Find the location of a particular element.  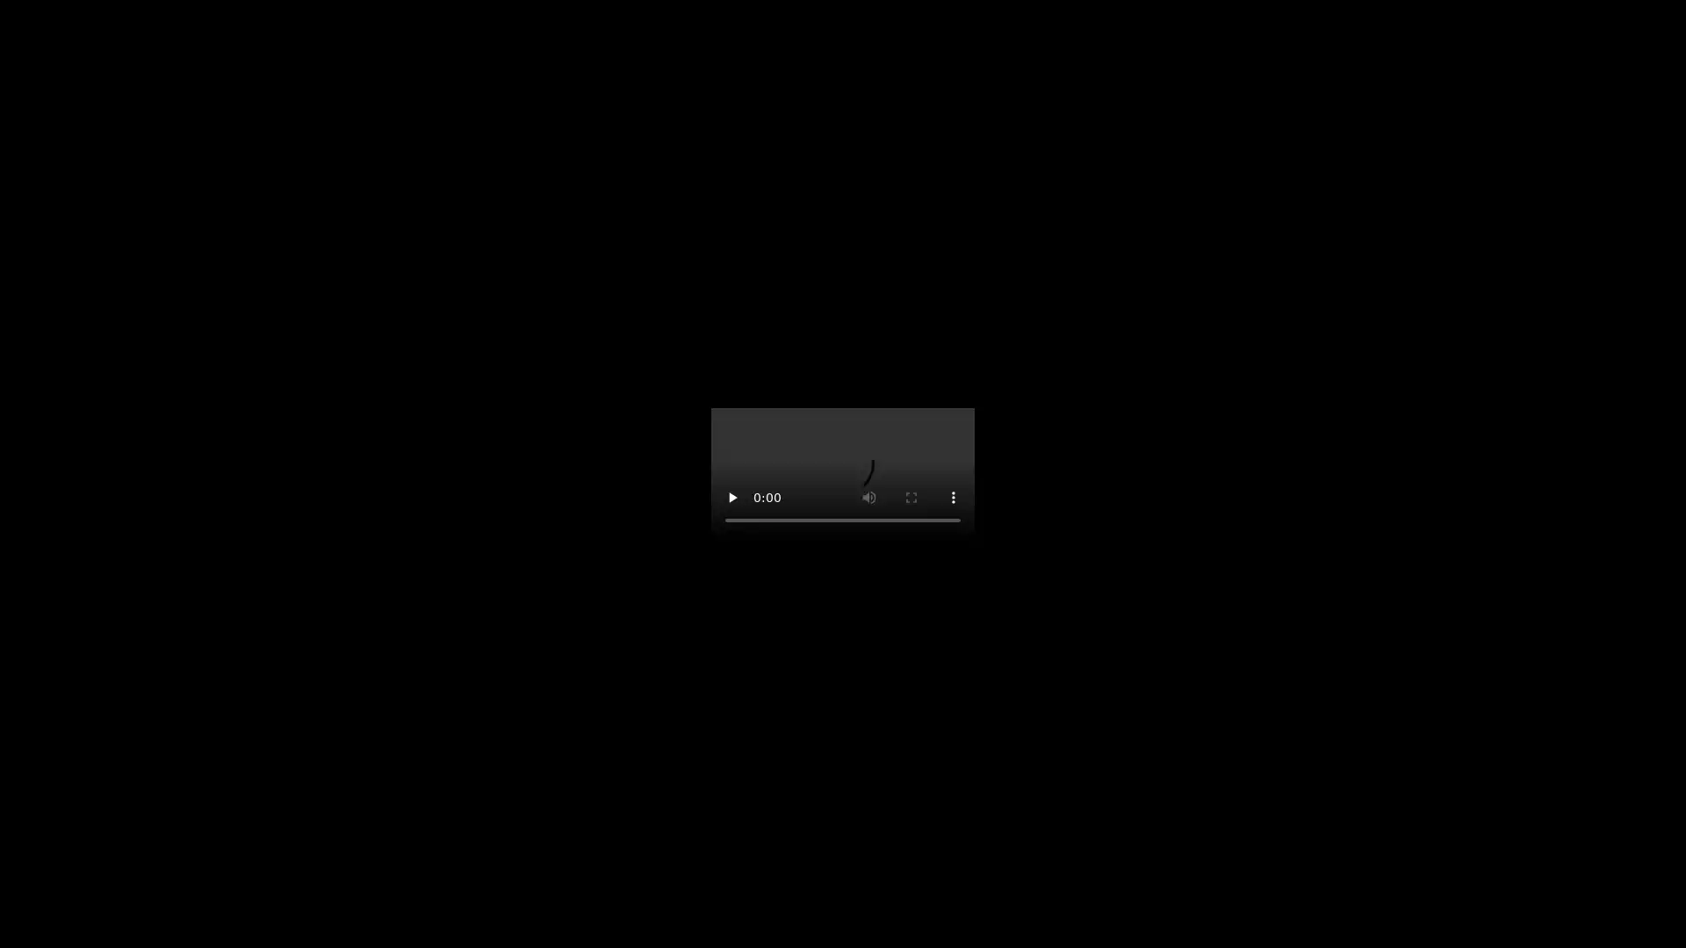

show more media controls is located at coordinates (952, 498).